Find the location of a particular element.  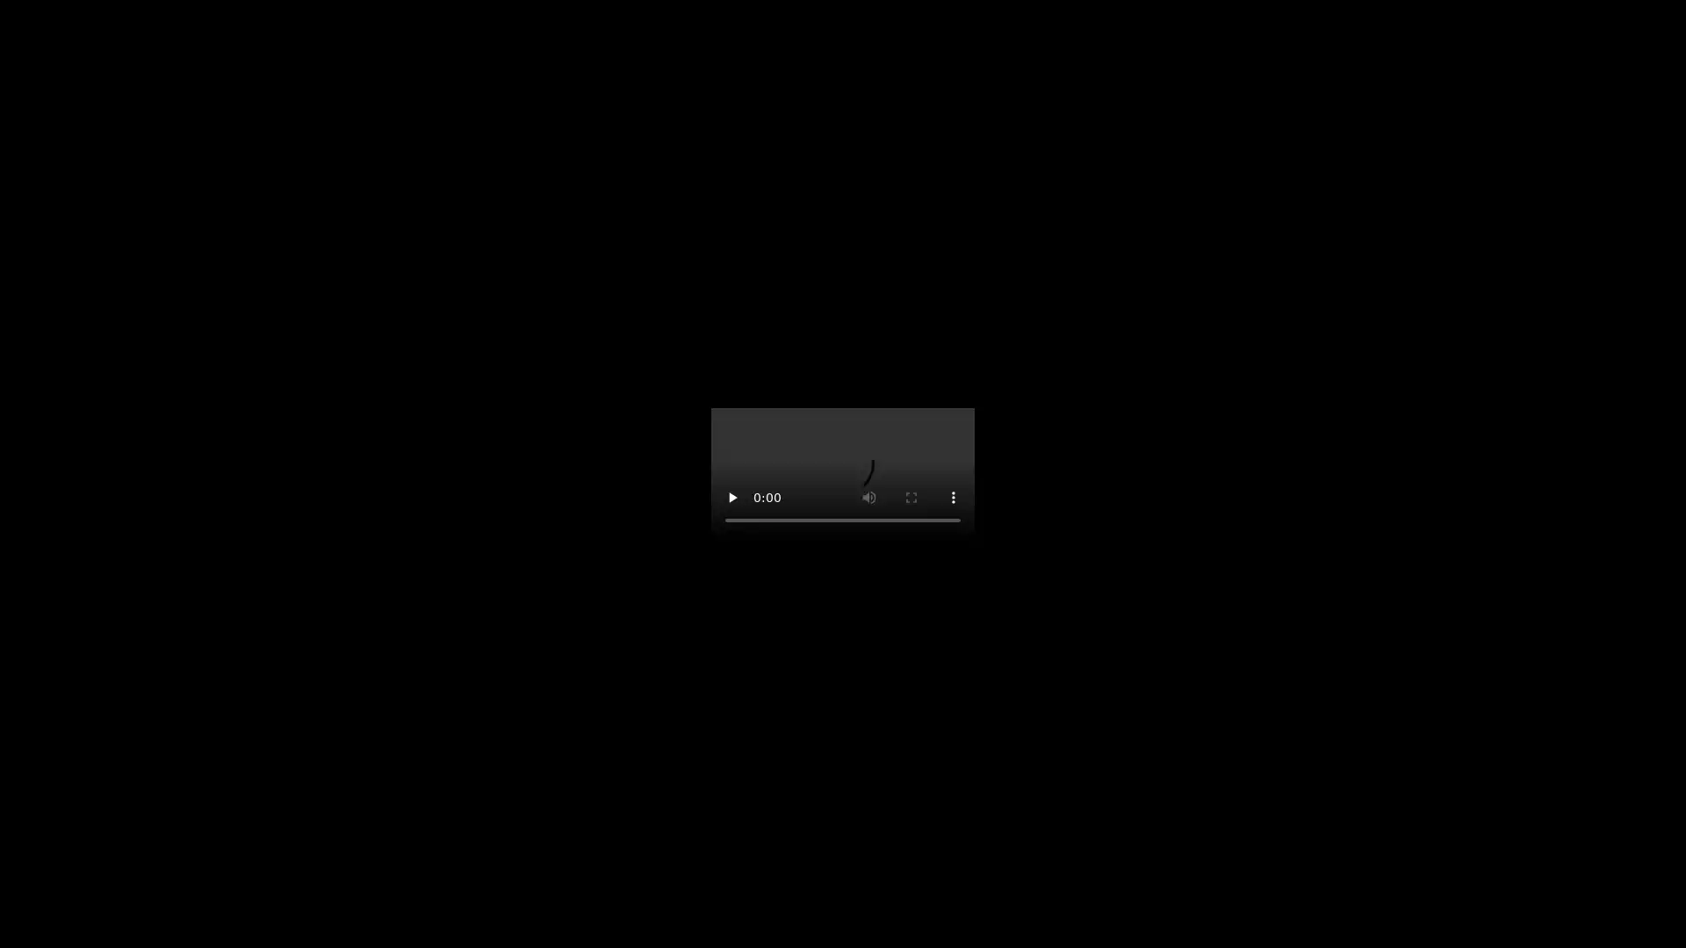

show more media controls is located at coordinates (952, 498).